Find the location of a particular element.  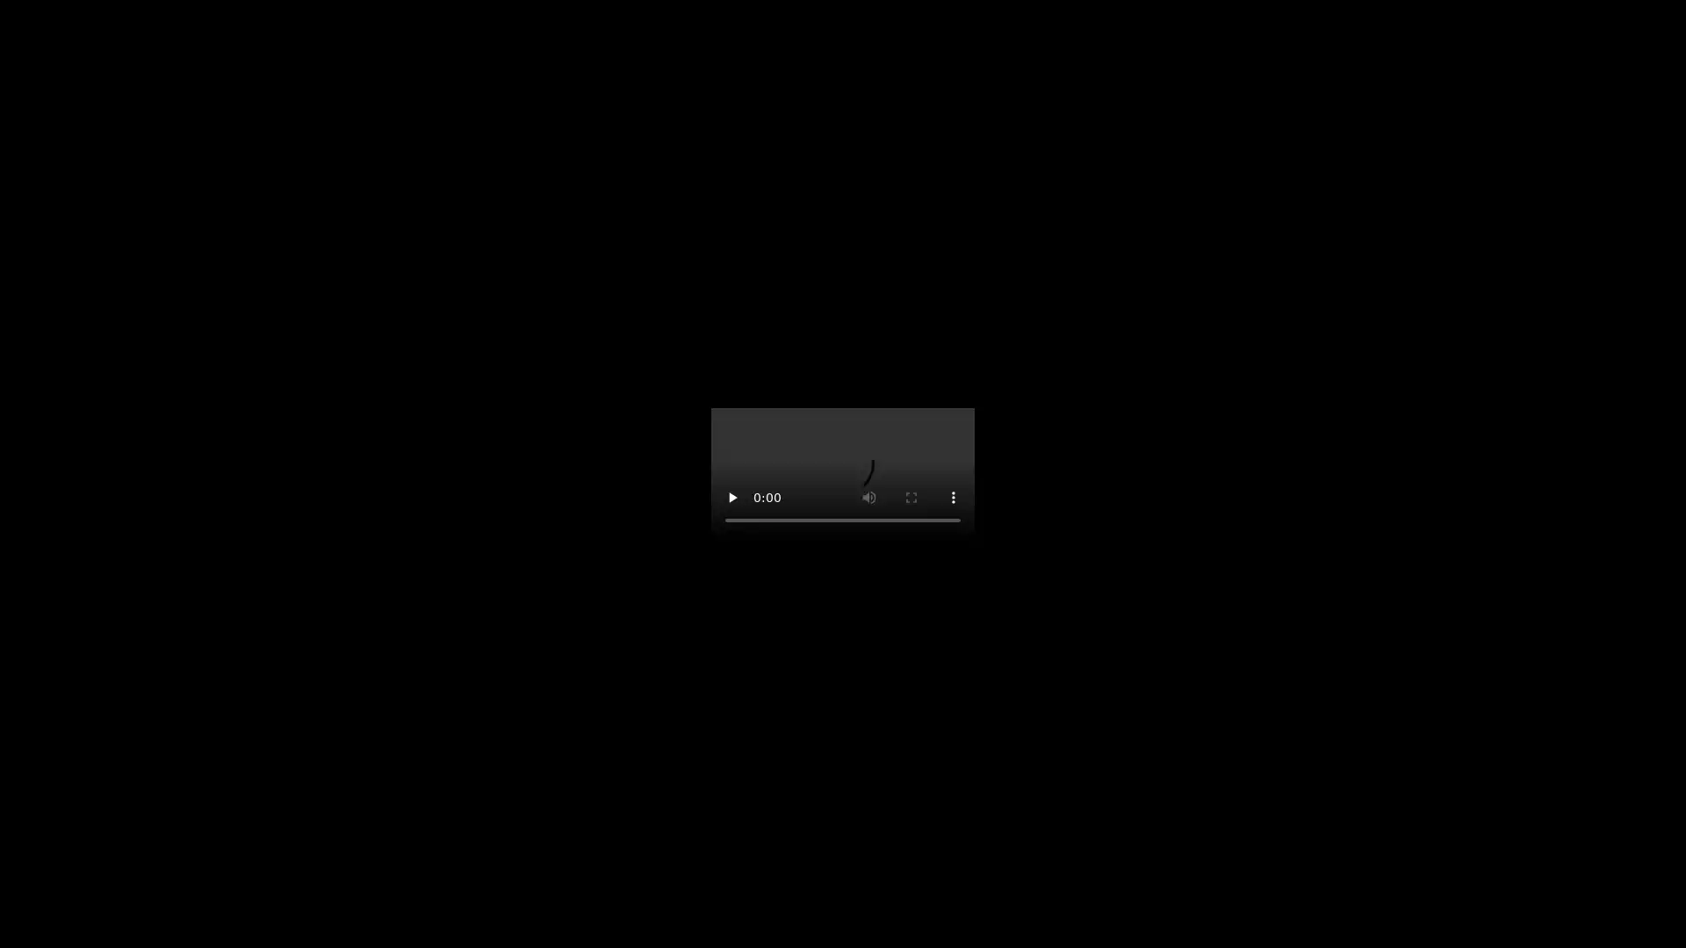

show more media controls is located at coordinates (952, 498).